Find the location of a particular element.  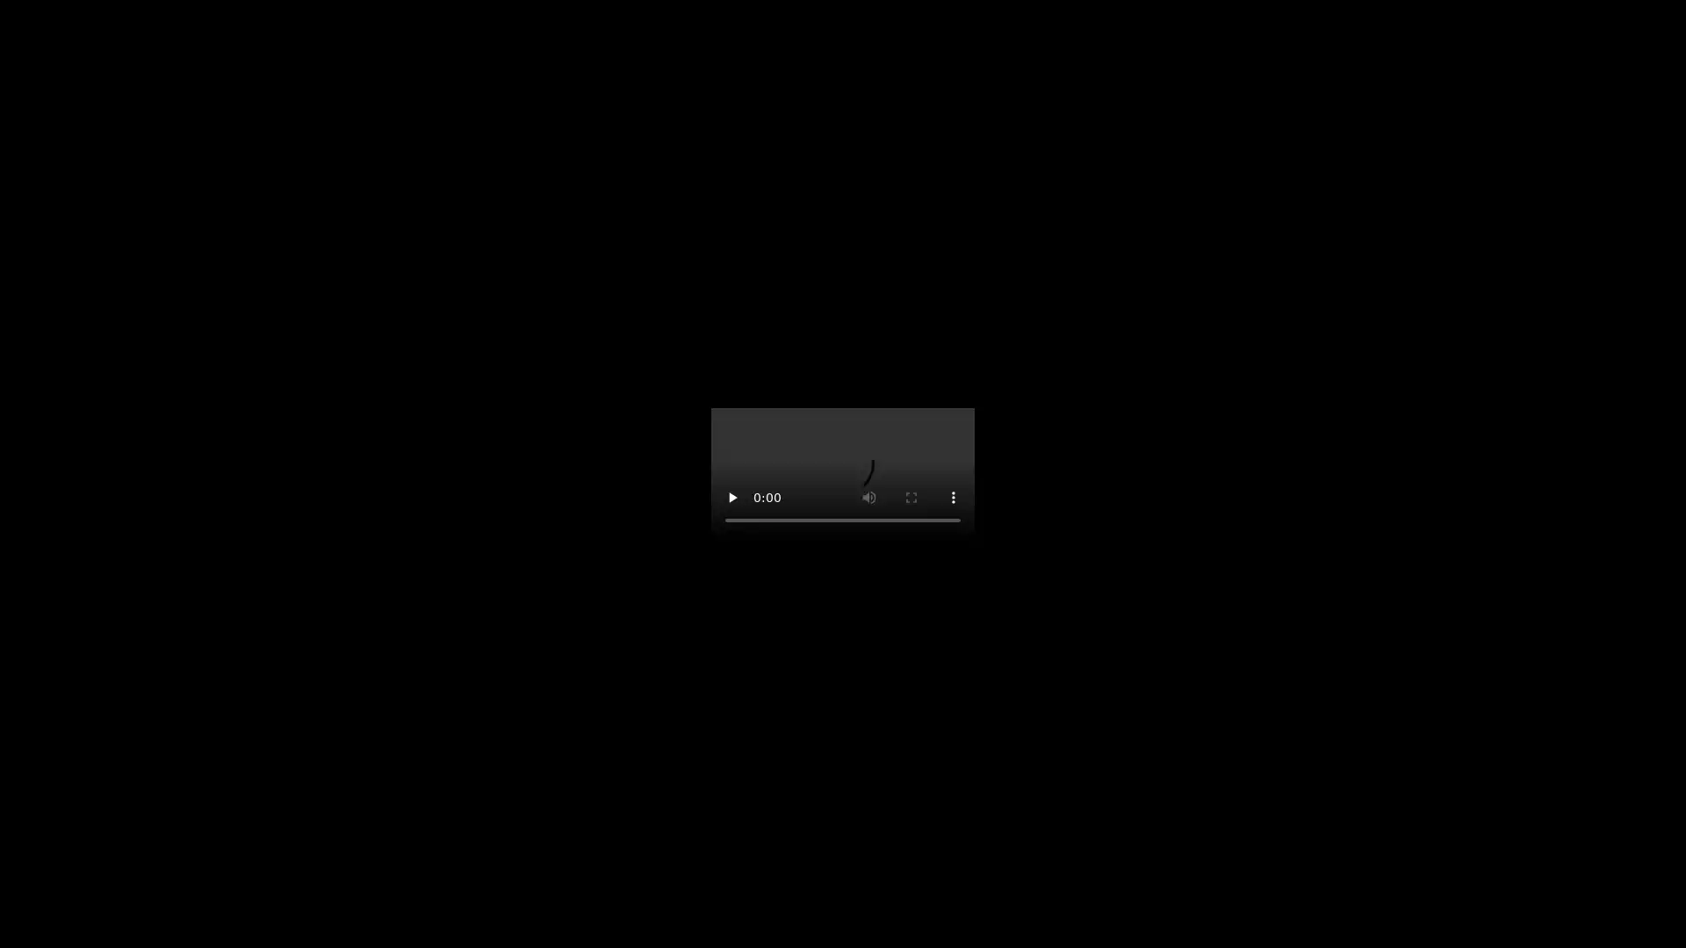

show more media controls is located at coordinates (952, 498).